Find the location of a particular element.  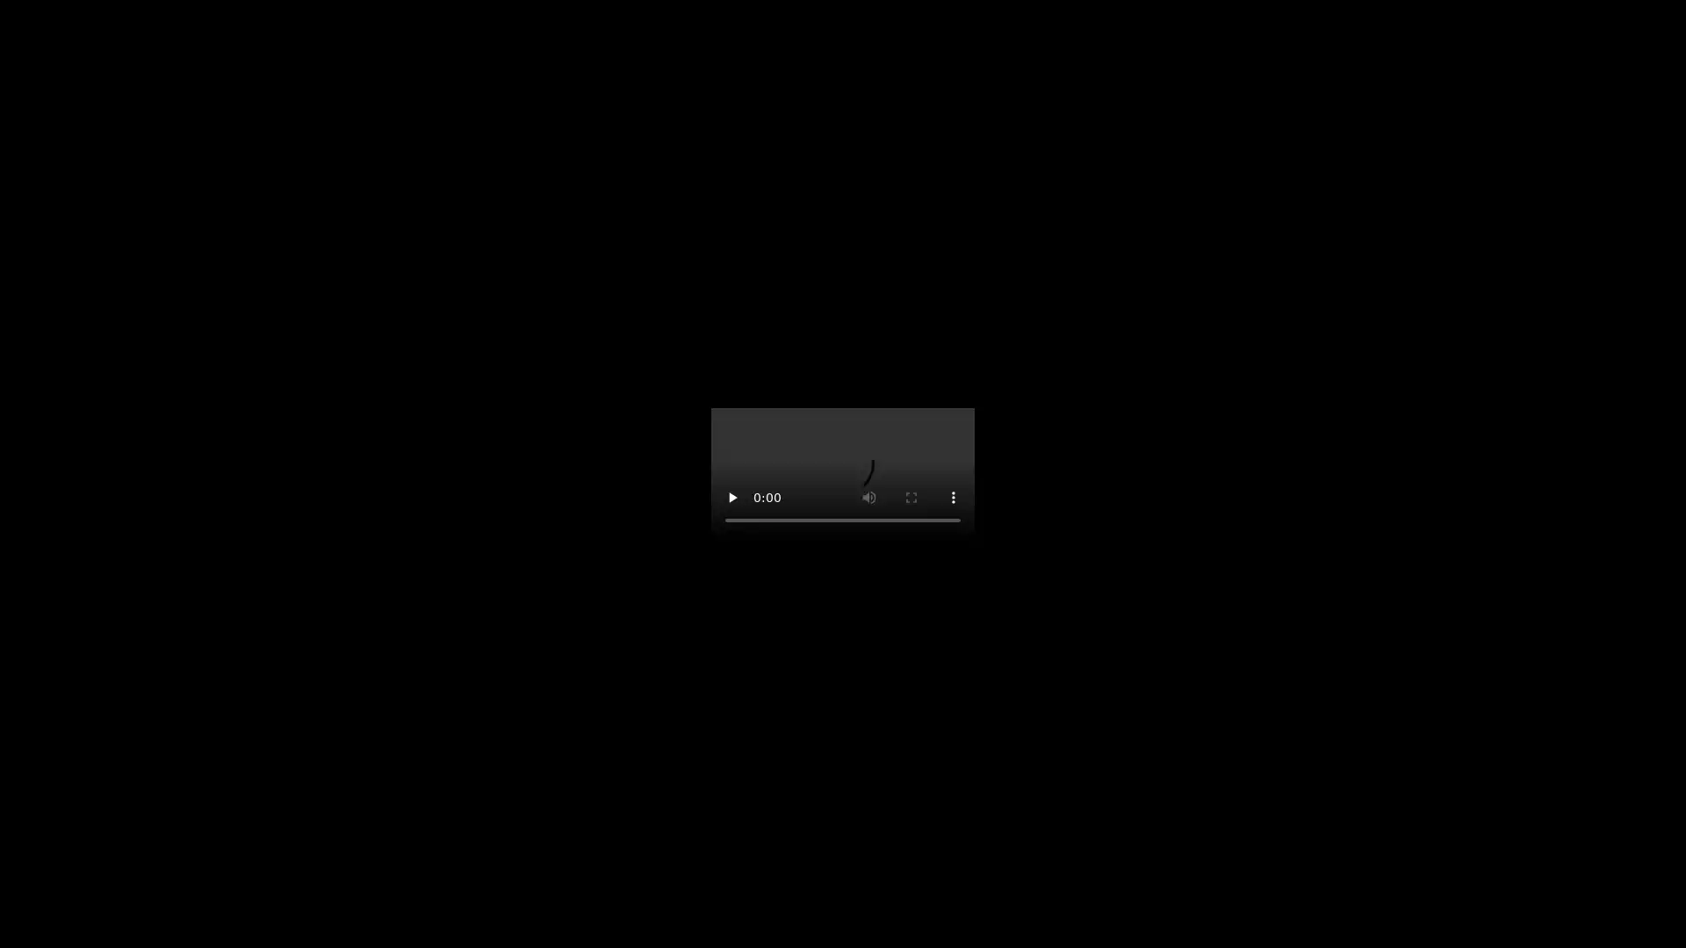

show more media controls is located at coordinates (952, 498).